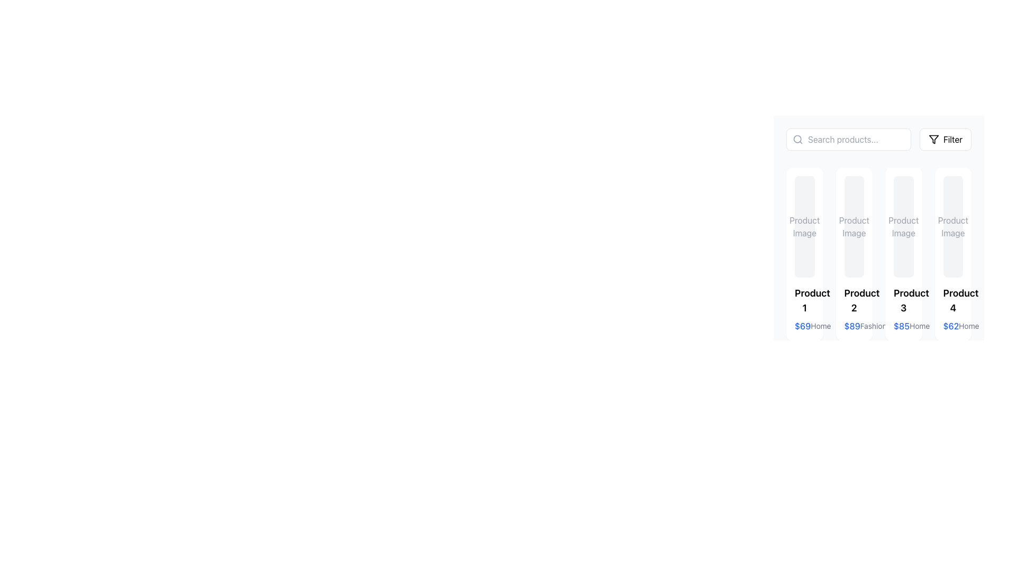  Describe the element at coordinates (952, 139) in the screenshot. I see `text label displaying 'Filter' located in the top-right corner of the card layout, adjacent to the funnel icon` at that location.